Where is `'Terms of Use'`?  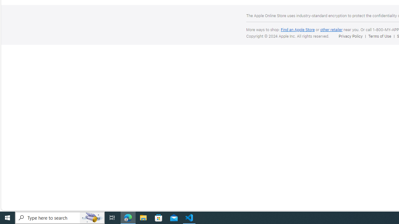
'Terms of Use' is located at coordinates (381, 36).